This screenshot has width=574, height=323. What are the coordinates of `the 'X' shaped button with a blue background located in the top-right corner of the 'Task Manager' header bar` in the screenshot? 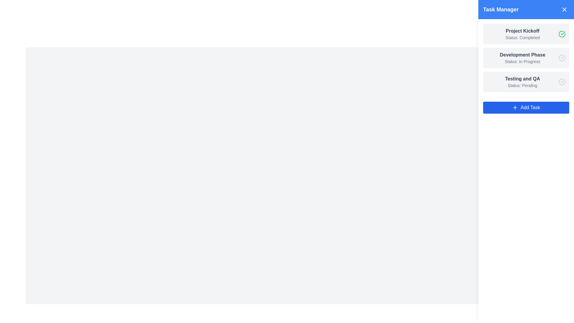 It's located at (564, 9).